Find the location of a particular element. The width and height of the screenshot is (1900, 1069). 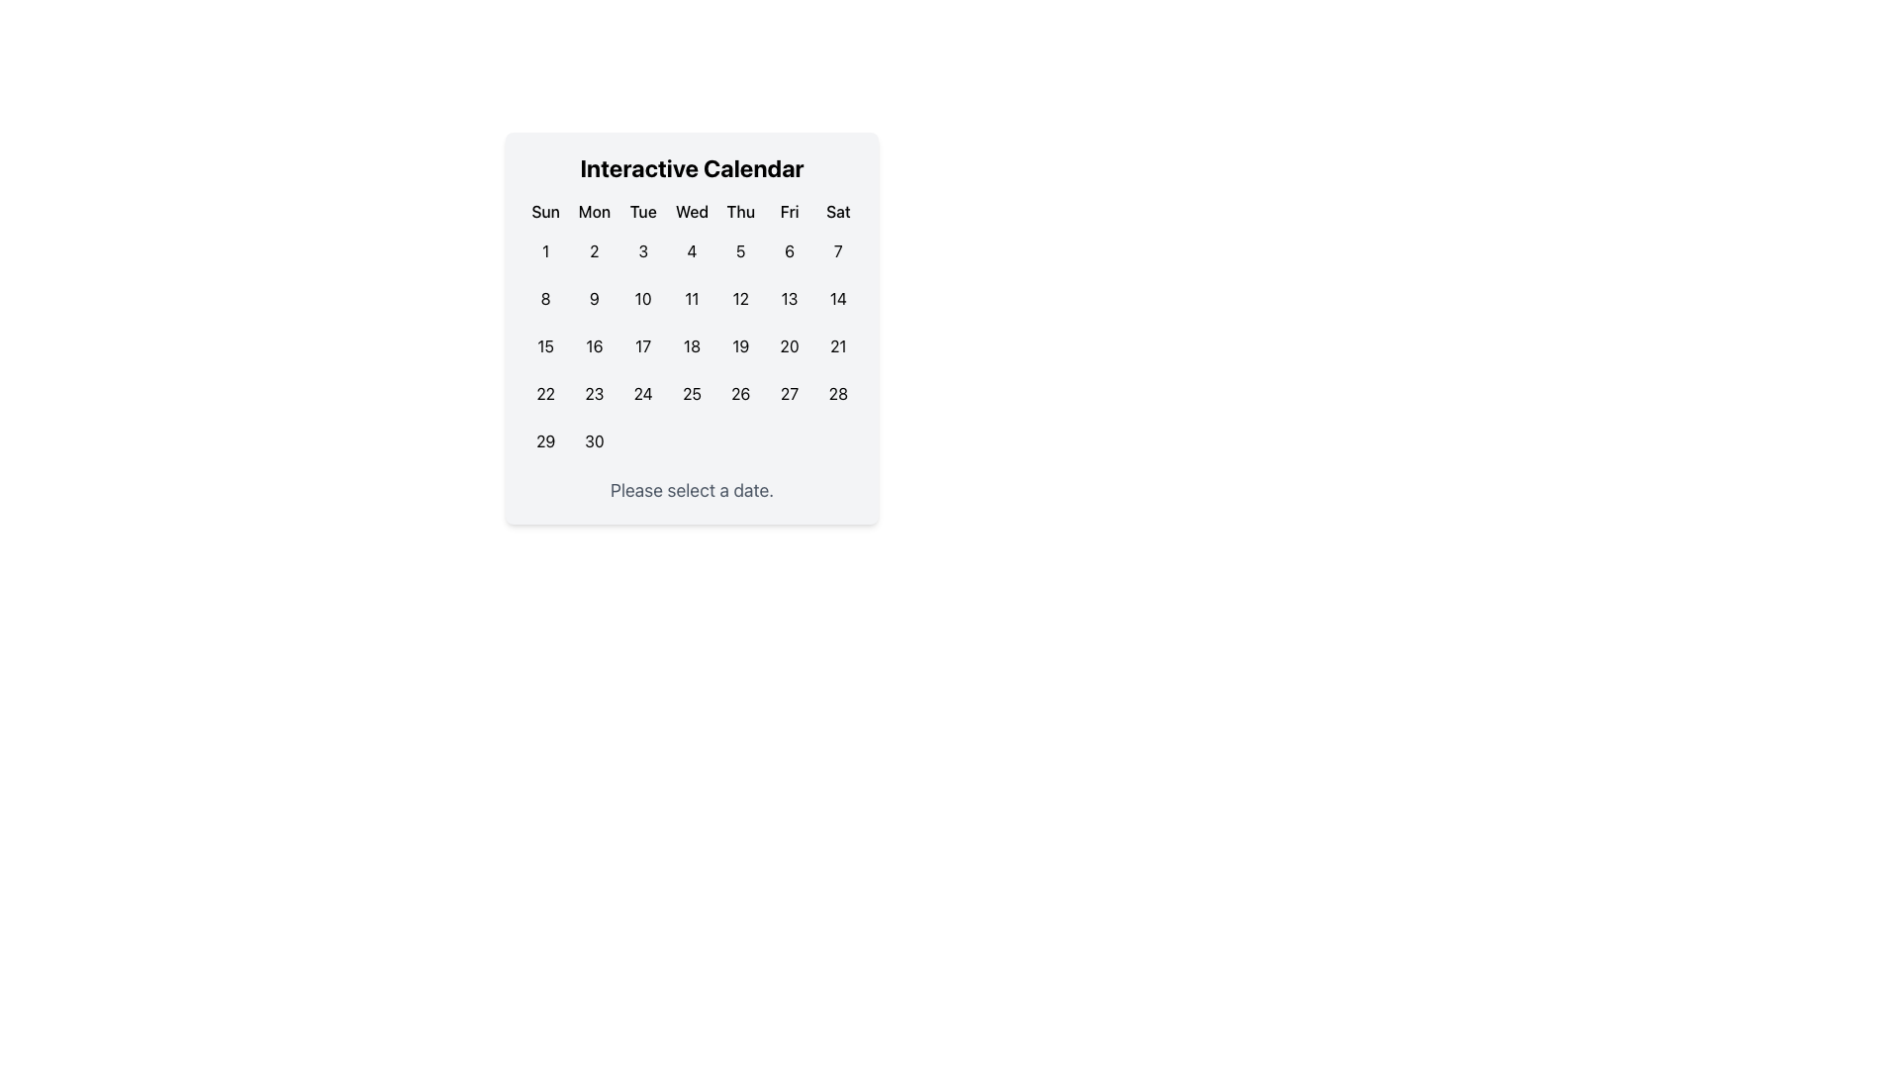

the Text Label for Monday in the calendar header, positioned between 'Sun' and 'Tue' is located at coordinates (593, 211).